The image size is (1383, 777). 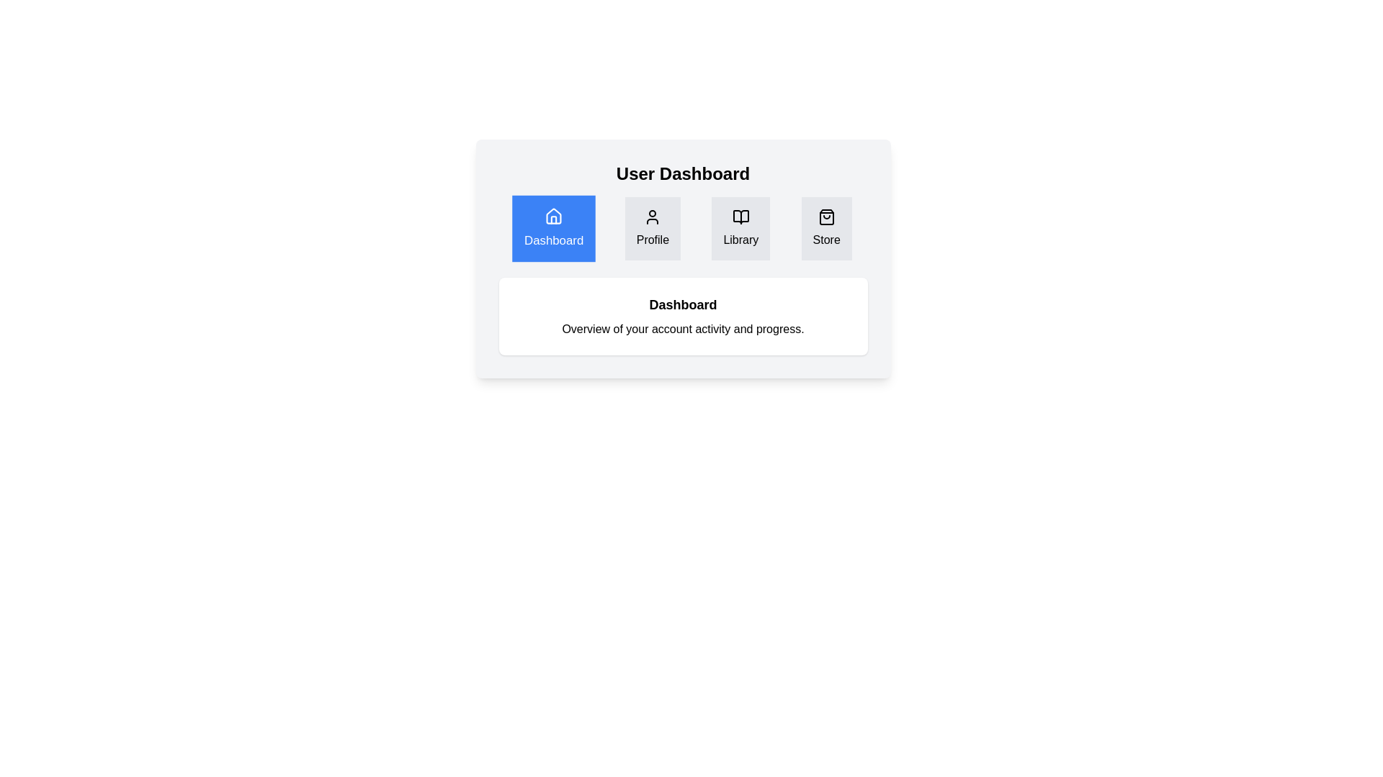 What do you see at coordinates (740, 227) in the screenshot?
I see `the tab labeled Library to view its content` at bounding box center [740, 227].